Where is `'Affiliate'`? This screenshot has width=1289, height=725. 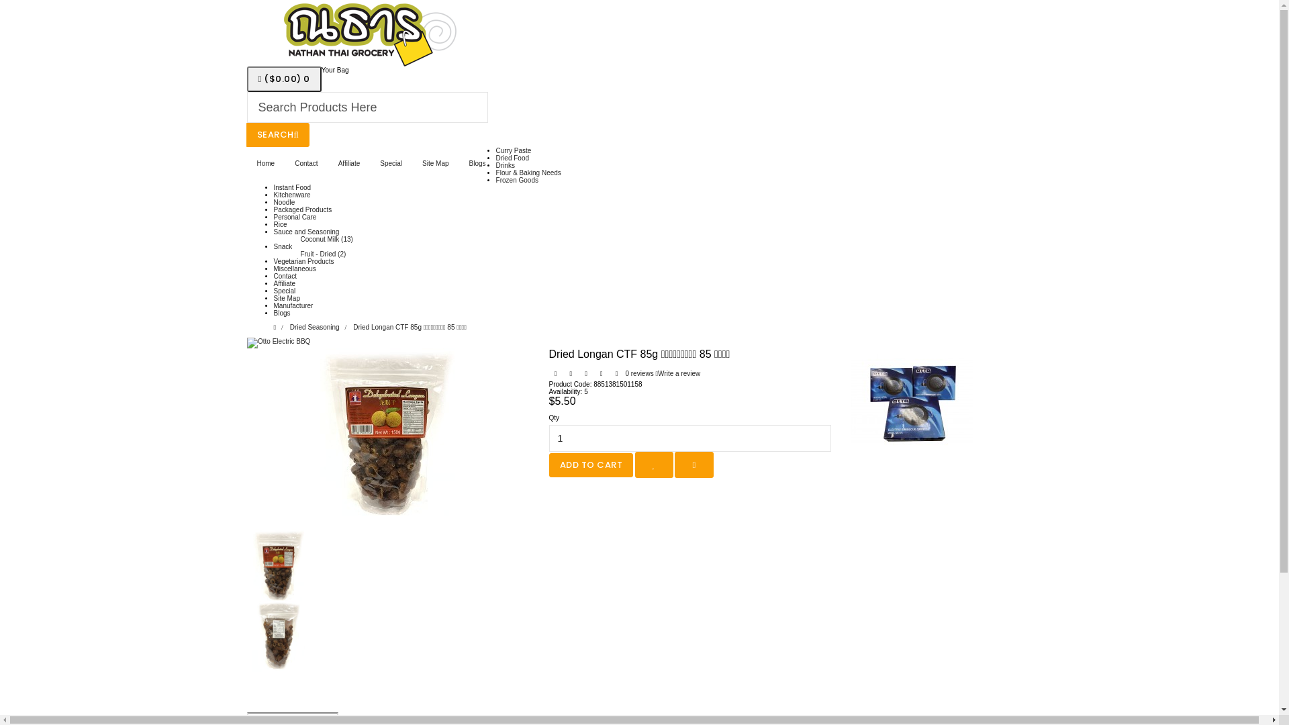 'Affiliate' is located at coordinates (328, 162).